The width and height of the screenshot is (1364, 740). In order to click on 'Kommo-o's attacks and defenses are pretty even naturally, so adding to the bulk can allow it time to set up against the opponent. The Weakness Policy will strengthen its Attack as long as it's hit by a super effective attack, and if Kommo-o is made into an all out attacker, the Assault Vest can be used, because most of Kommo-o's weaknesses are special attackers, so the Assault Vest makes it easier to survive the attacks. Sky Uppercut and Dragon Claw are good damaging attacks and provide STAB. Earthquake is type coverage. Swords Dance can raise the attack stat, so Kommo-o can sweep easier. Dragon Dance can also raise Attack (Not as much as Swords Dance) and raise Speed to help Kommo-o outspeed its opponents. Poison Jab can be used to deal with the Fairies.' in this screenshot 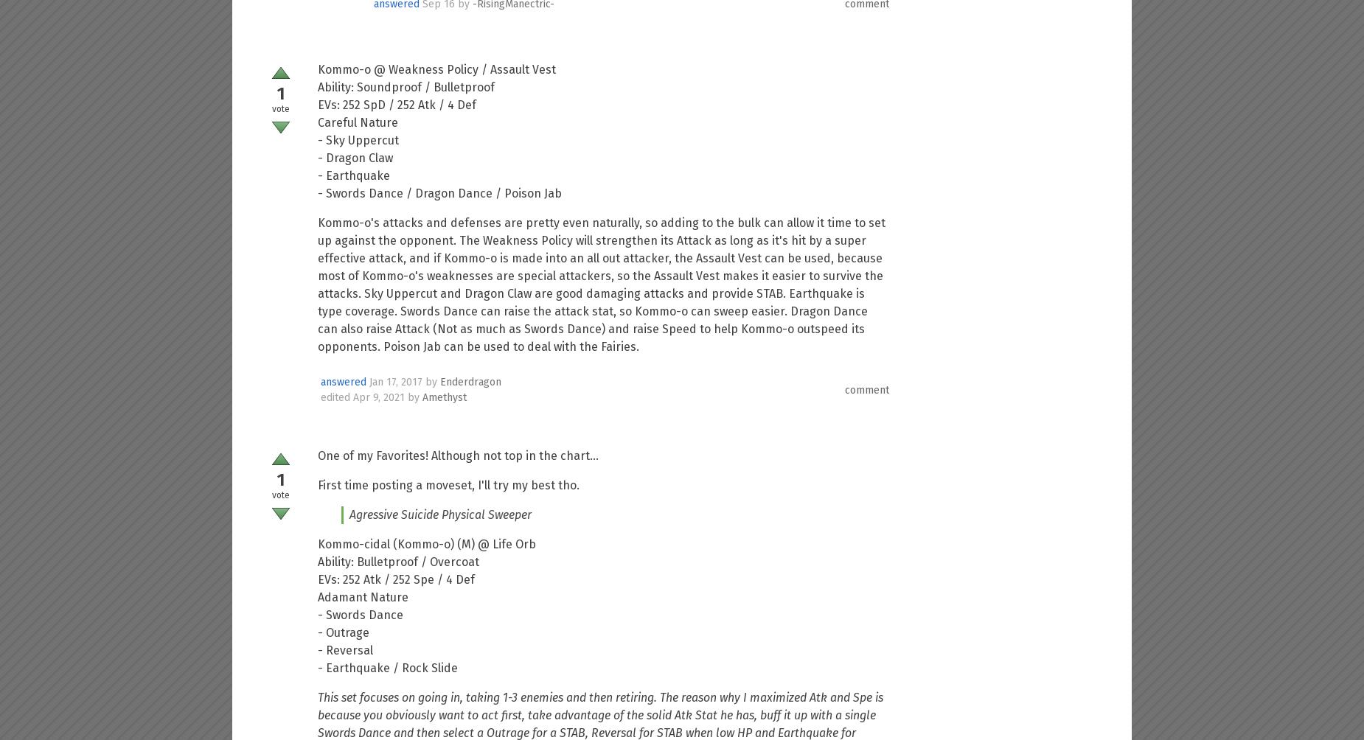, I will do `click(602, 284)`.